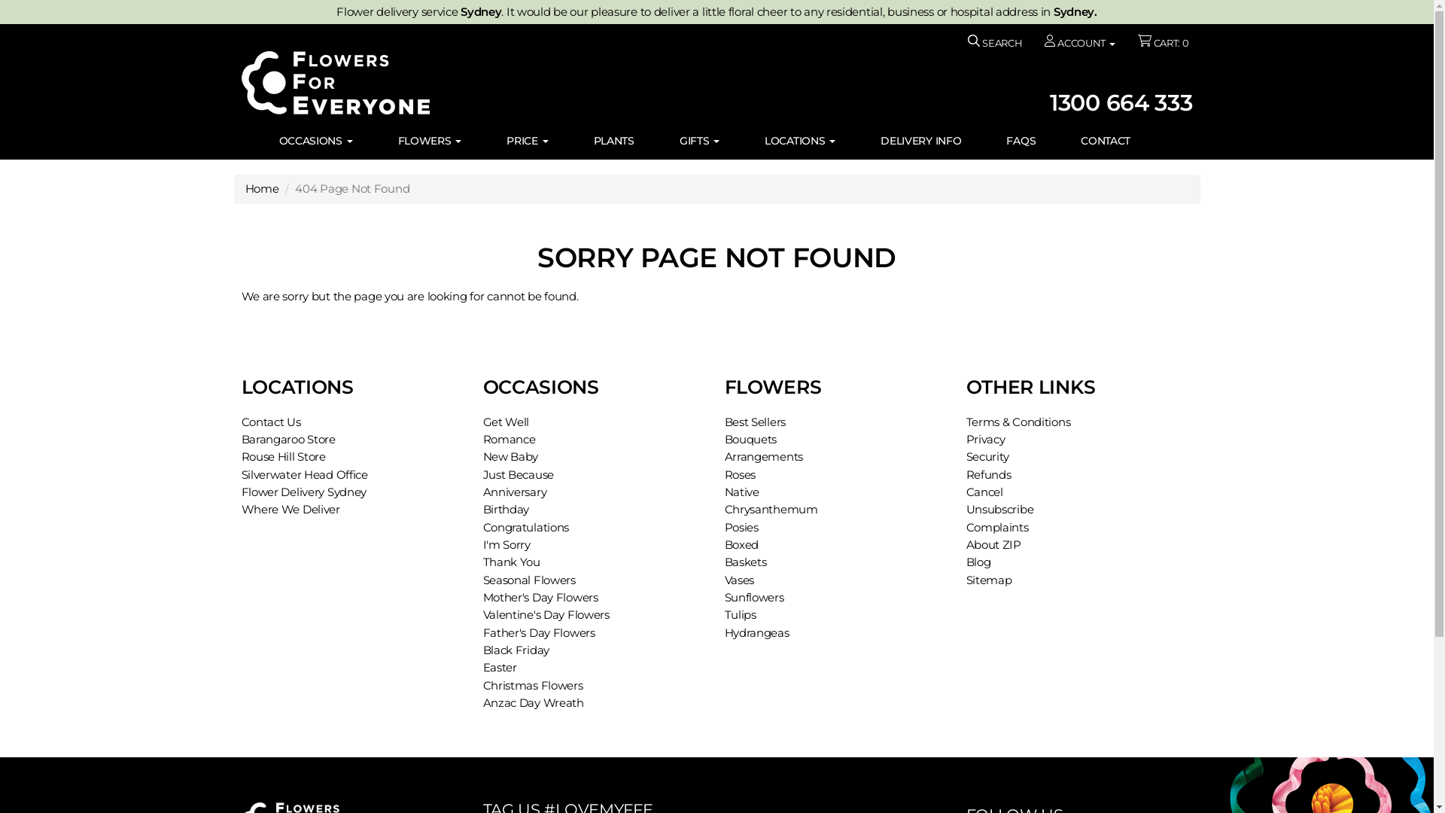  Describe the element at coordinates (570, 140) in the screenshot. I see `'PLANTS'` at that location.